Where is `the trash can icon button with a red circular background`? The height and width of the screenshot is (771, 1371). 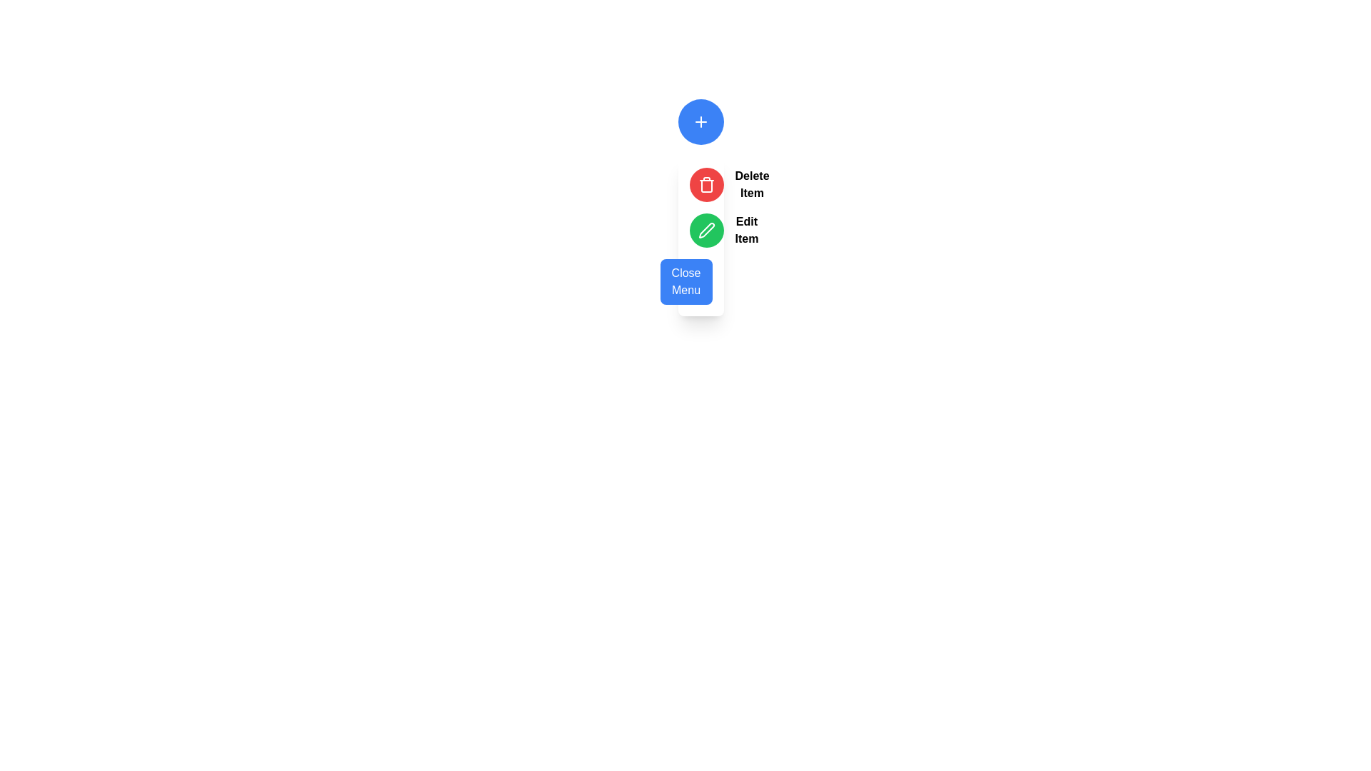
the trash can icon button with a red circular background is located at coordinates (706, 183).